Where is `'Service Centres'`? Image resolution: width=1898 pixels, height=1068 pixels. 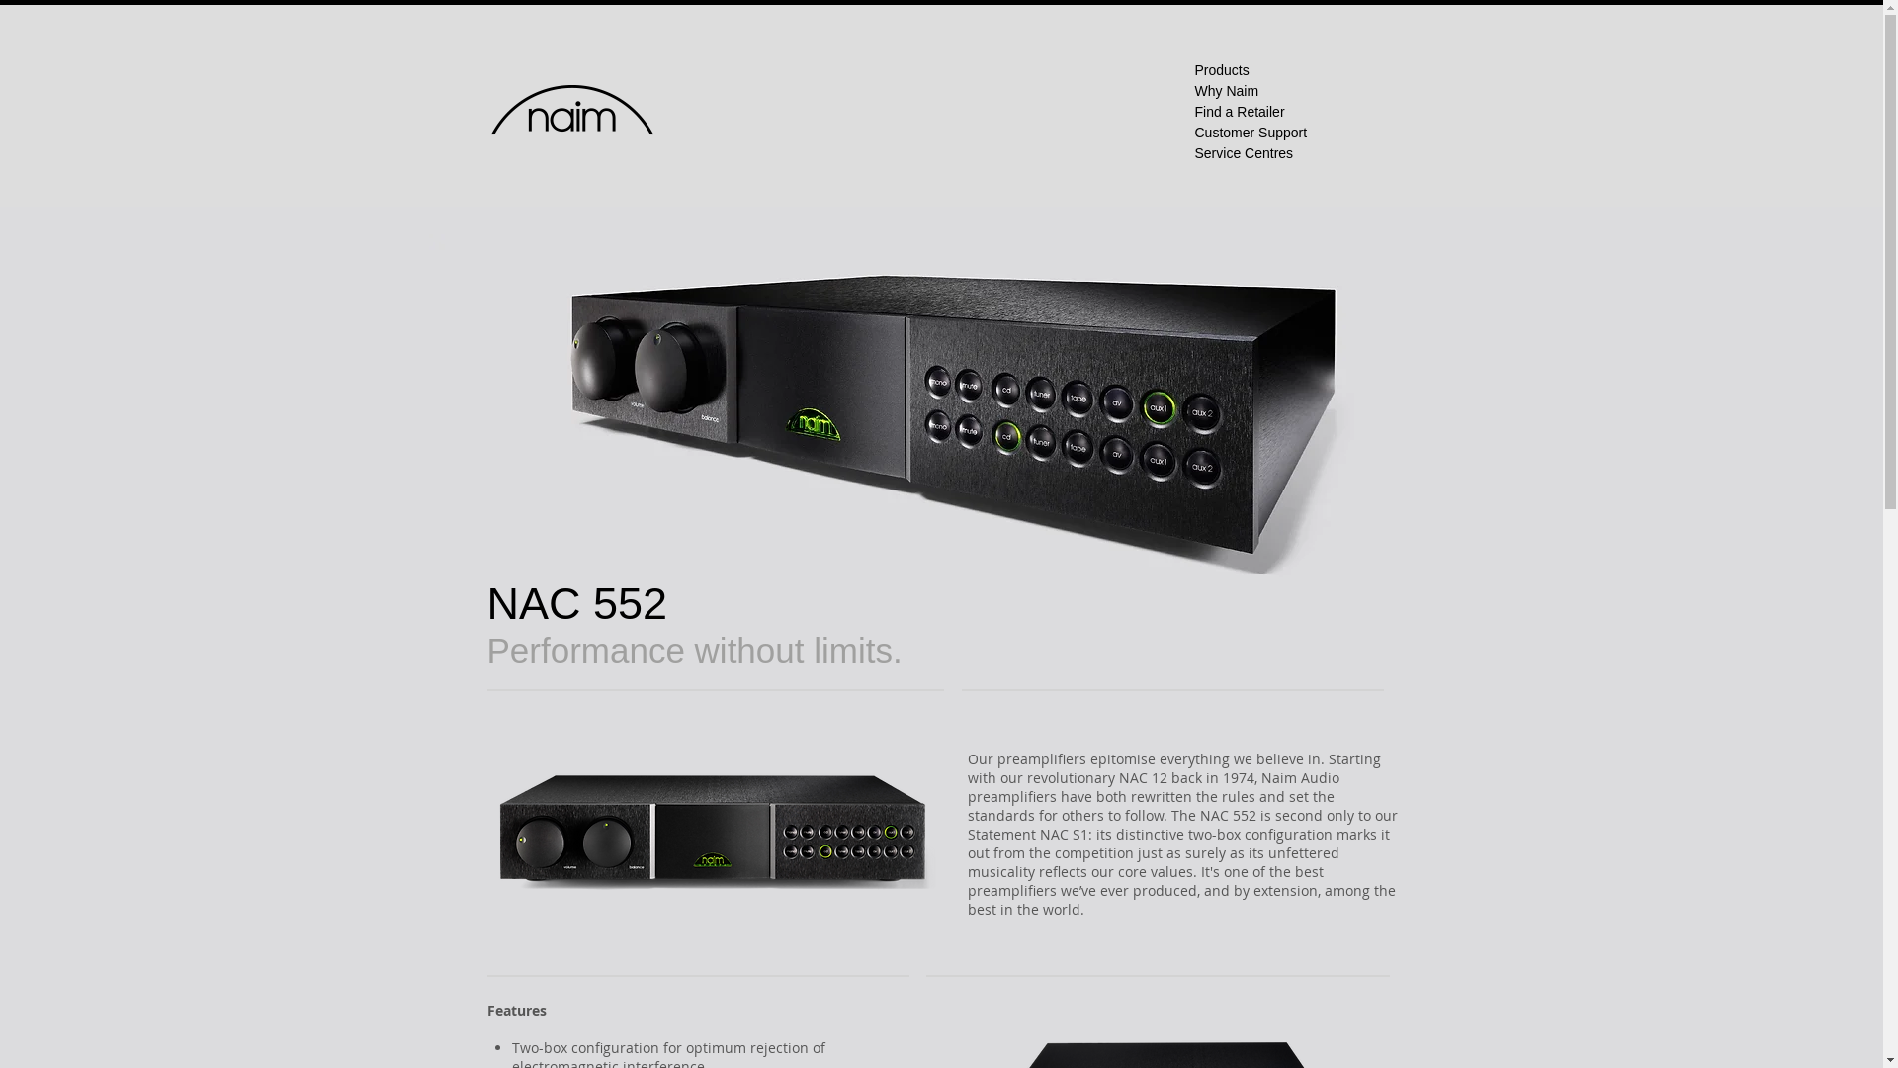 'Service Centres' is located at coordinates (1242, 151).